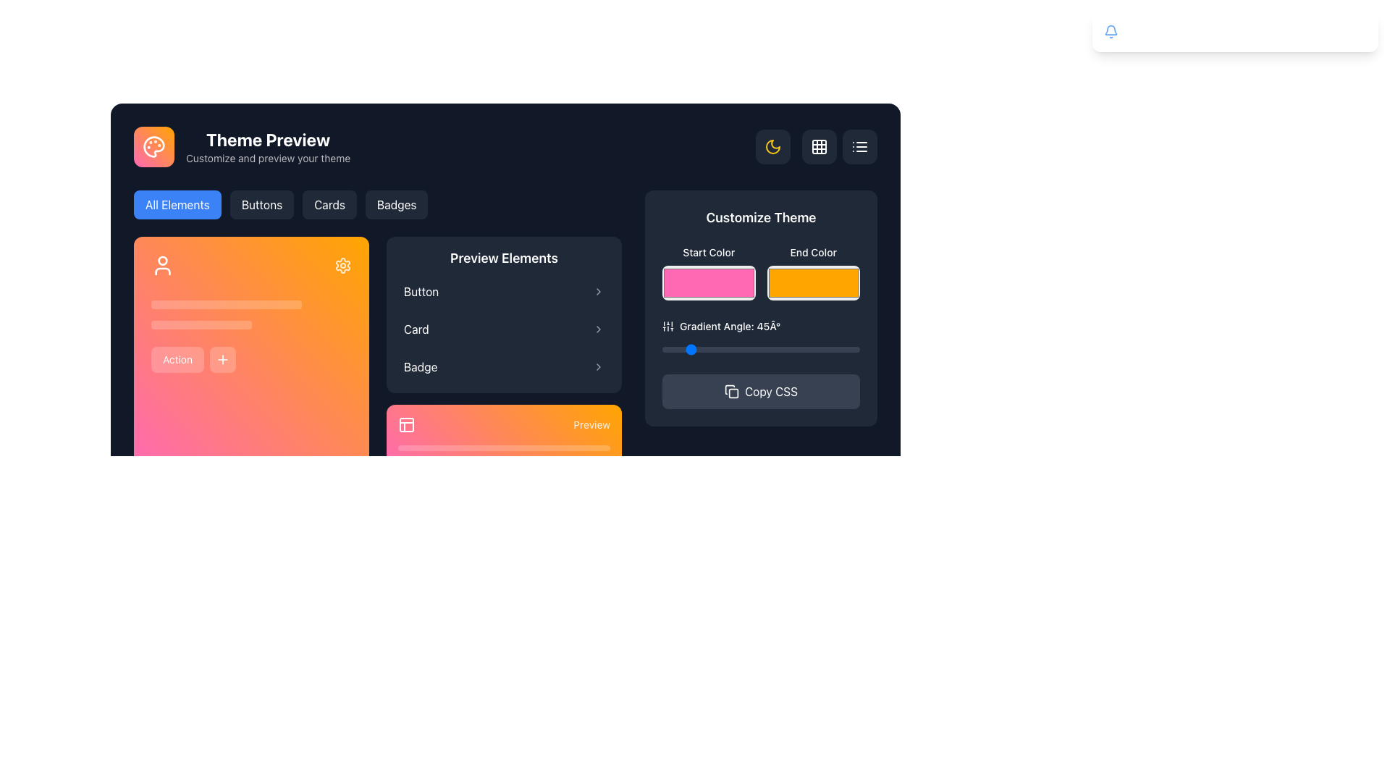  What do you see at coordinates (222, 359) in the screenshot?
I see `the addition button located in the lower half of the orange gradient card, positioned to the right of the 'Action' button` at bounding box center [222, 359].